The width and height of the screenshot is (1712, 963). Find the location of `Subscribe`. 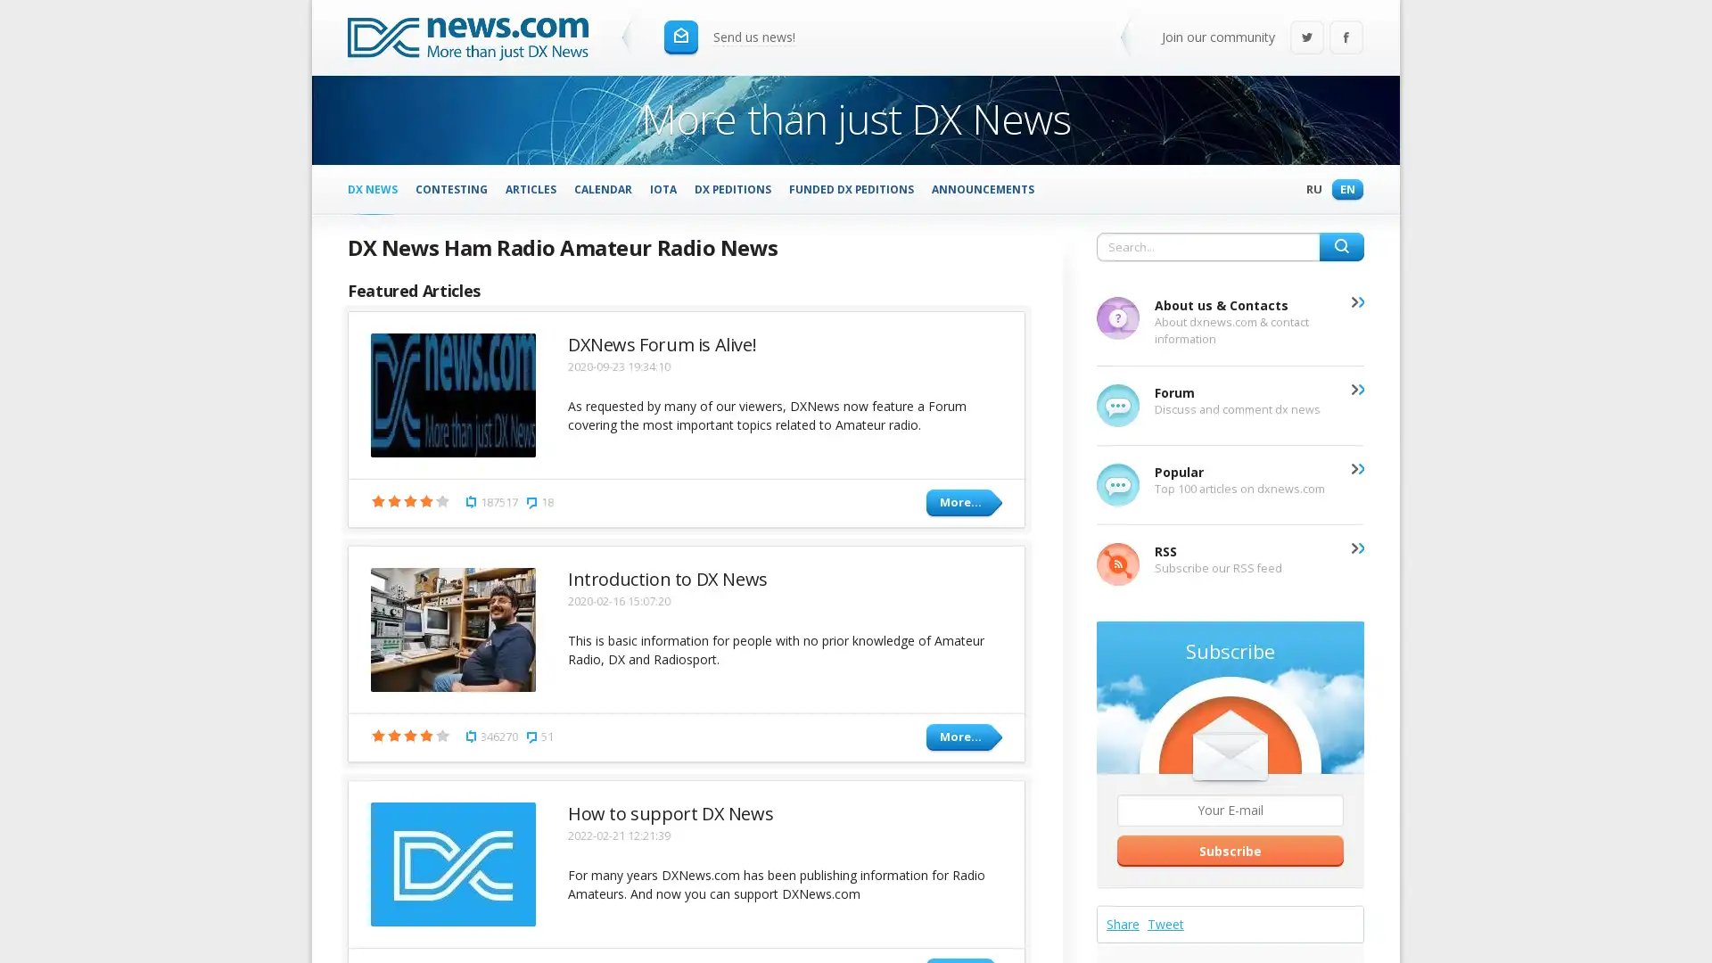

Subscribe is located at coordinates (1230, 849).